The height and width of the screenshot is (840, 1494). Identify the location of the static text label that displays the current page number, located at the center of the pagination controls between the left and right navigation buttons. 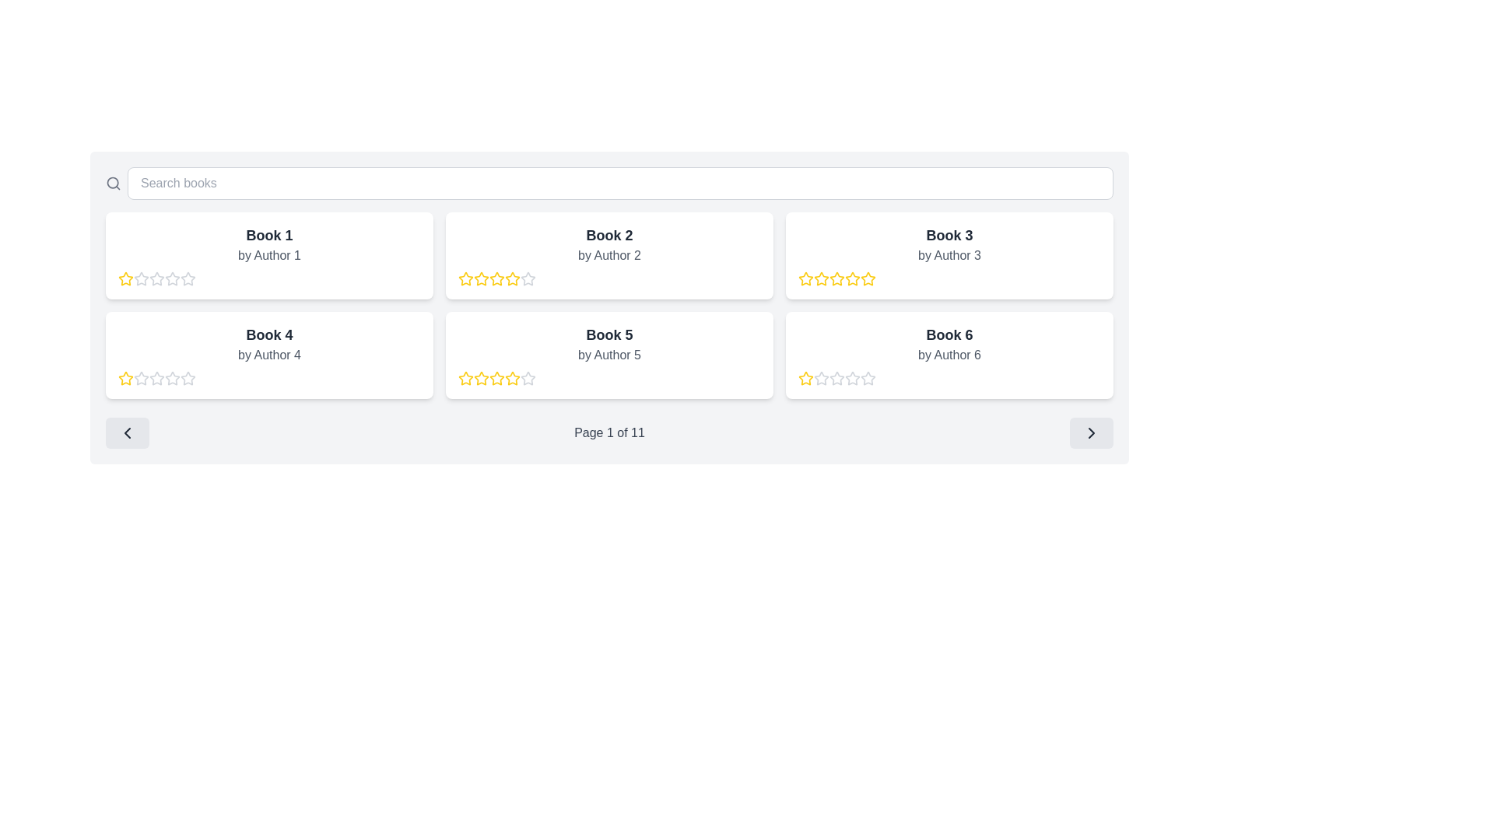
(608, 432).